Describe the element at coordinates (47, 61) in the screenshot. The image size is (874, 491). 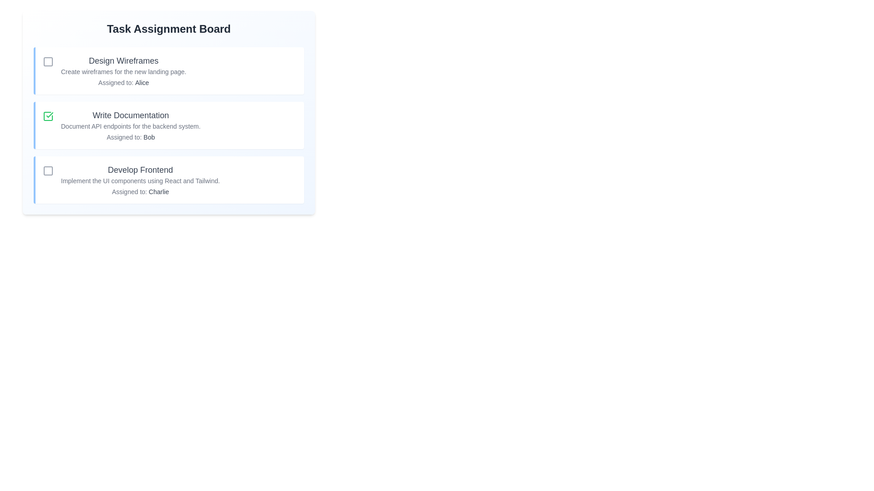
I see `the checkbox element located to the left of the 'Design Wireframes' text in the task item interface` at that location.